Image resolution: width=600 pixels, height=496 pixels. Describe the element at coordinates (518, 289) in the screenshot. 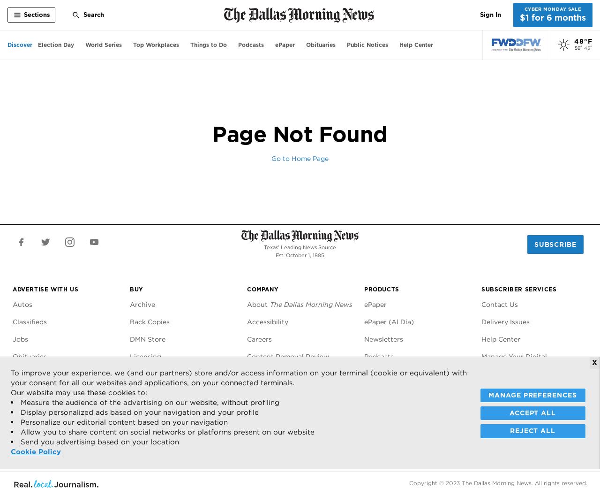

I see `'Subscriber Services'` at that location.